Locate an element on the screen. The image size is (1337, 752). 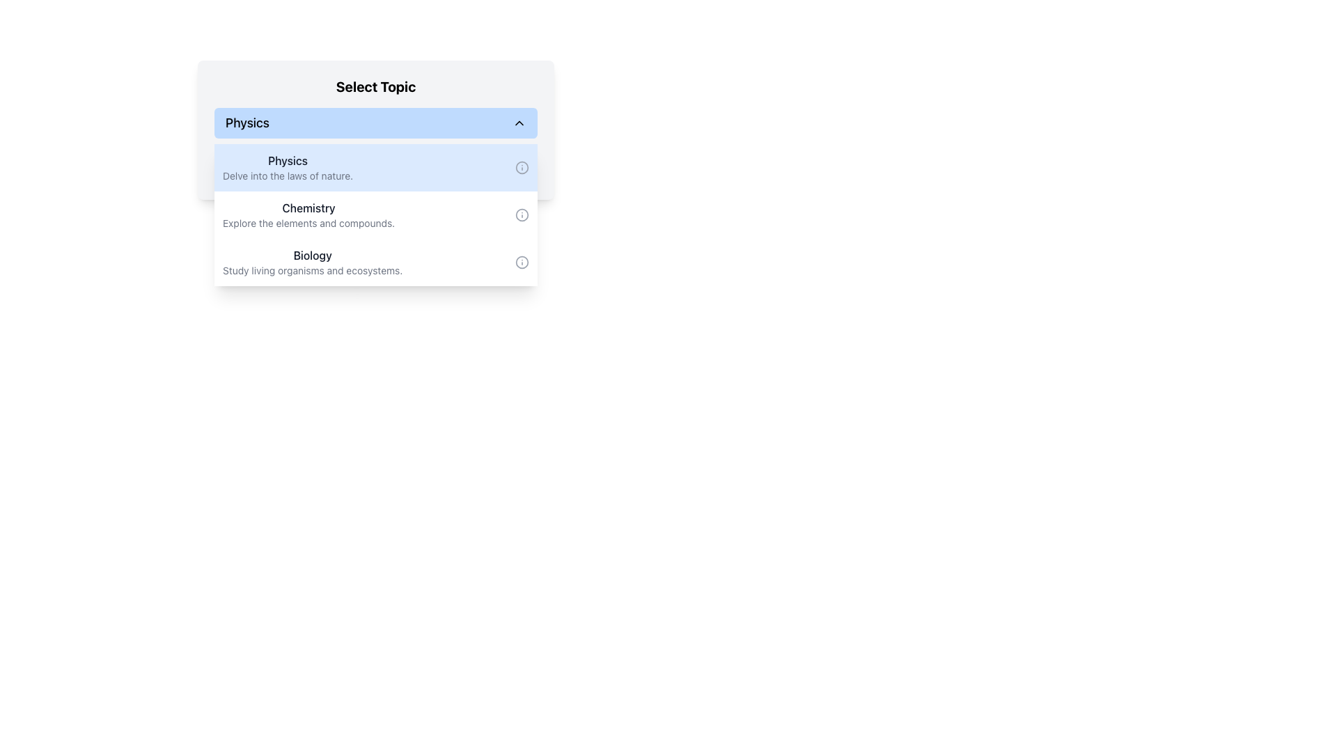
the text label displaying 'Chemistry', which is styled with a medium-weight font and a gray color, located centrally in the interface above 'Biology' and below 'Physics' is located at coordinates (308, 208).